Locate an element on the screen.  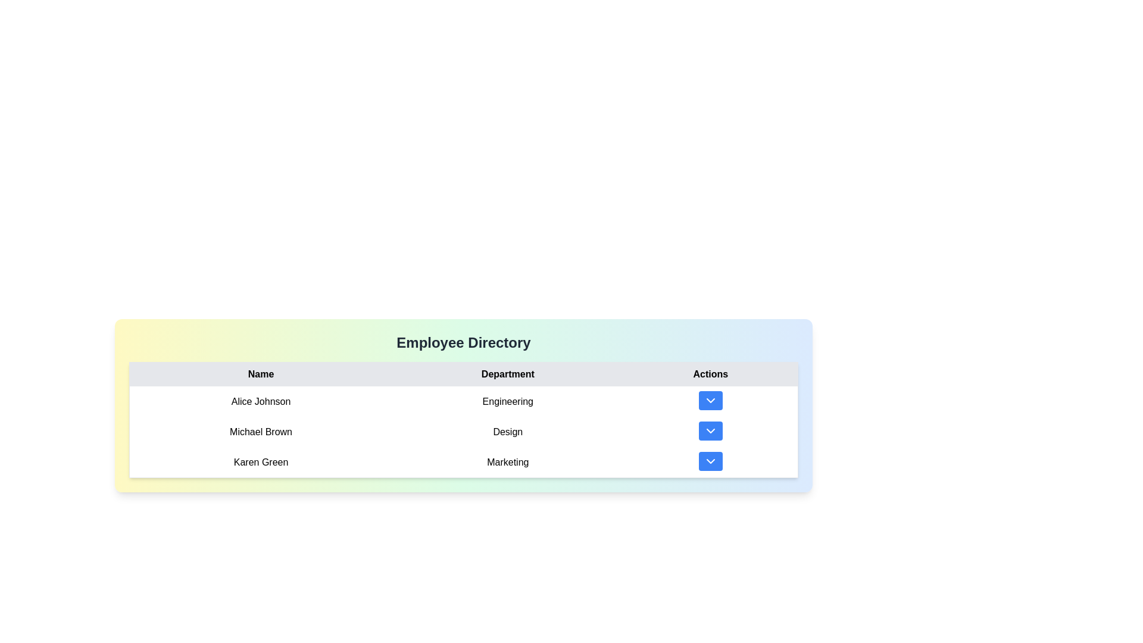
the rectangular button with a blue background and white downwards-pointing arrow in the 'Actions' column for 'Alice Johnson' in the 'Employee Directory' table to trigger the hover effect is located at coordinates (711, 401).